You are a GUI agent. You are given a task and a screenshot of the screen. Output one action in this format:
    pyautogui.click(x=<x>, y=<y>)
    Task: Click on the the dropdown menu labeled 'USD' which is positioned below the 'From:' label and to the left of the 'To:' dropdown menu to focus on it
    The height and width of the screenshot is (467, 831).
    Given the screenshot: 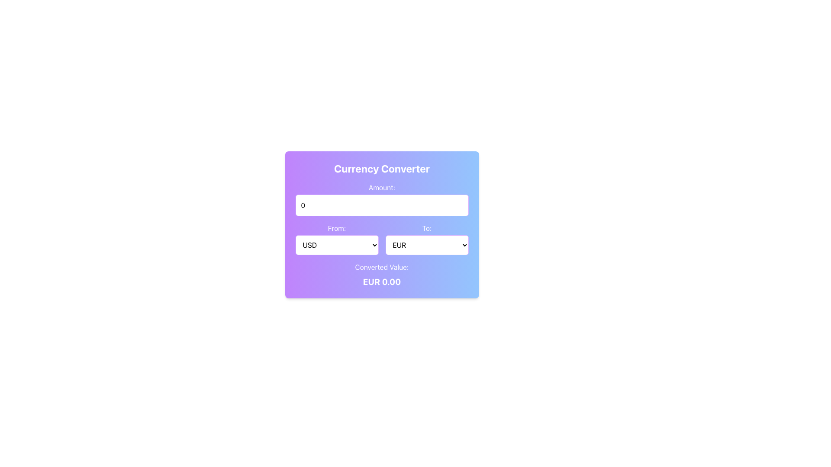 What is the action you would take?
    pyautogui.click(x=336, y=239)
    